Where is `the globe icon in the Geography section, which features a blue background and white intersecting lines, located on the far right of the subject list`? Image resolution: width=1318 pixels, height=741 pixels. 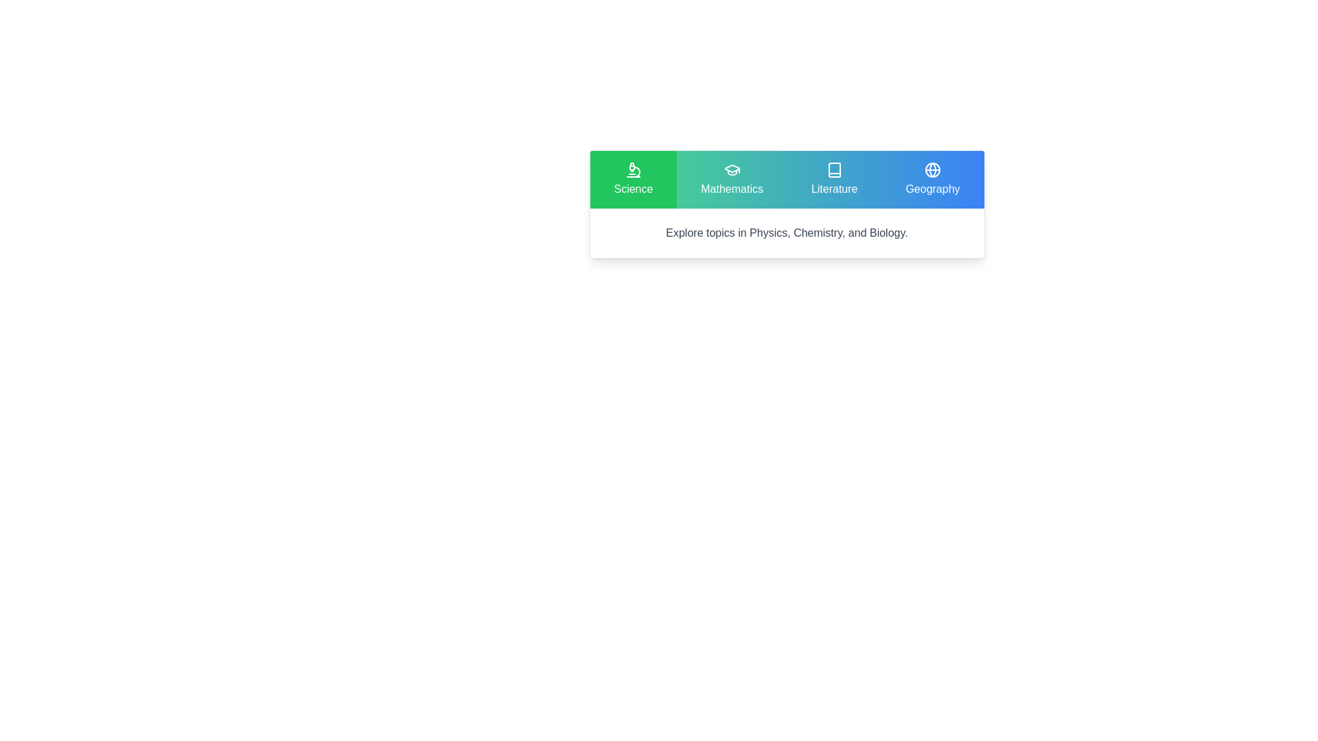 the globe icon in the Geography section, which features a blue background and white intersecting lines, located on the far right of the subject list is located at coordinates (932, 169).